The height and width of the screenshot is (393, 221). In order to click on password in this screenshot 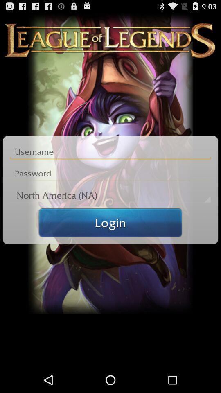, I will do `click(110, 173)`.